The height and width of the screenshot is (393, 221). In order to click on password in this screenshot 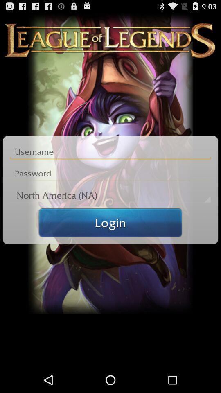, I will do `click(110, 173)`.